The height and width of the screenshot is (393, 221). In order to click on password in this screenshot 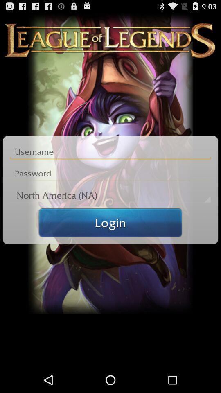, I will do `click(110, 173)`.